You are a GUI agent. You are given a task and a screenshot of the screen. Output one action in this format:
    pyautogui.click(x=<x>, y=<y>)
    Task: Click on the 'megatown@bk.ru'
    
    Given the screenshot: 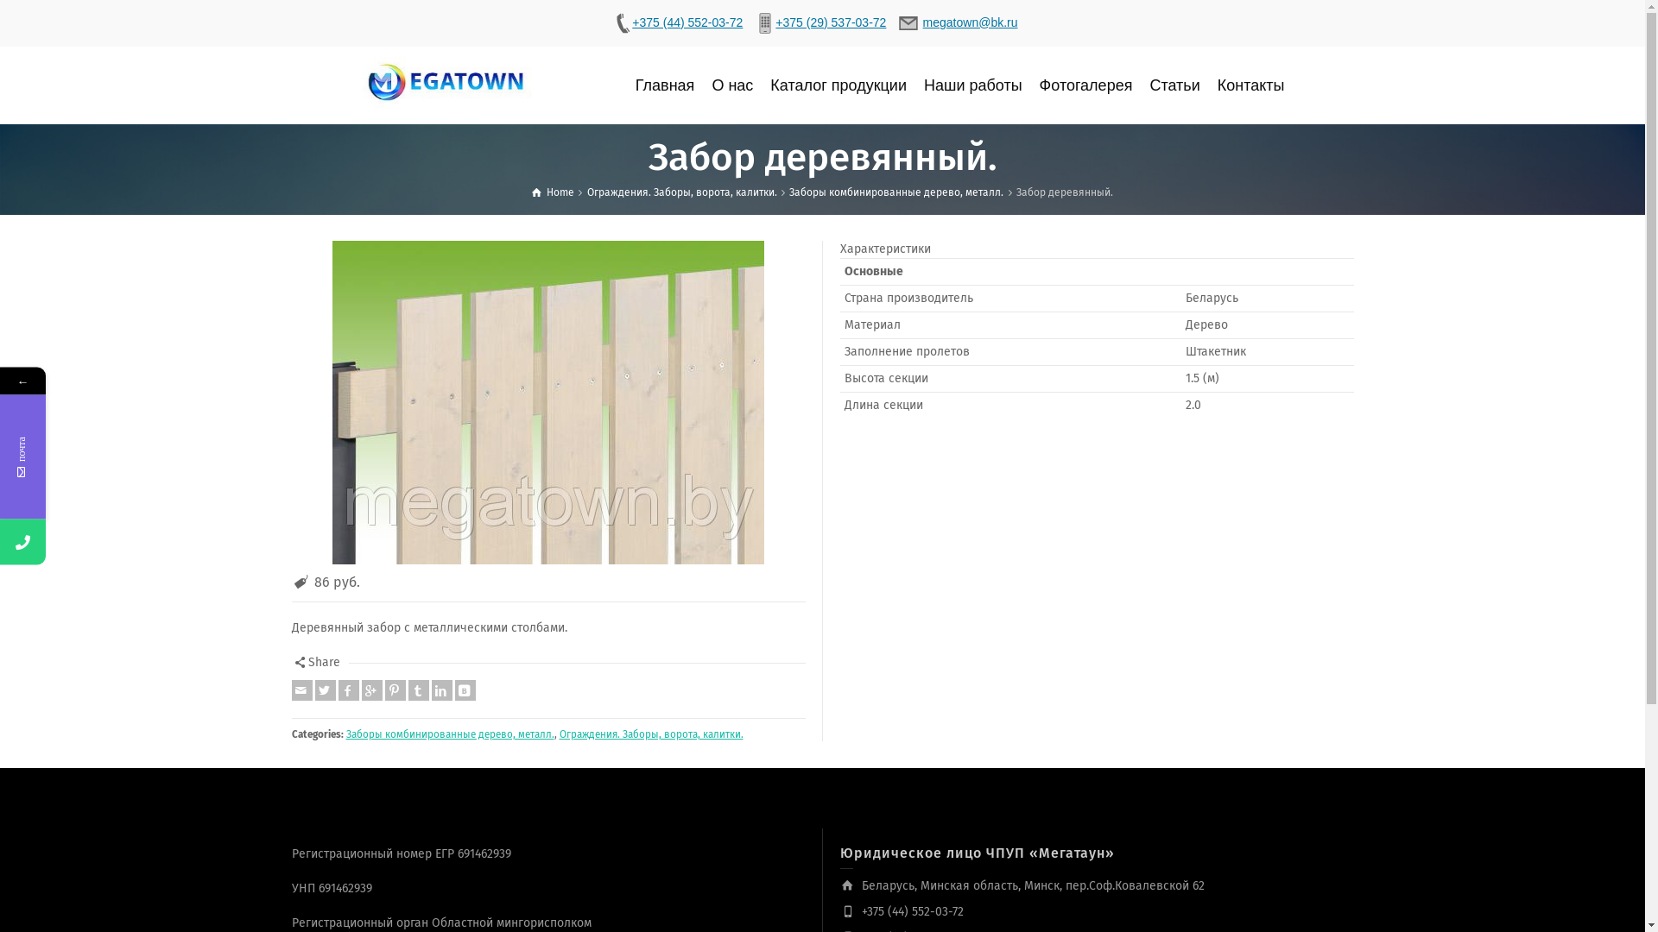 What is the action you would take?
    pyautogui.click(x=958, y=22)
    